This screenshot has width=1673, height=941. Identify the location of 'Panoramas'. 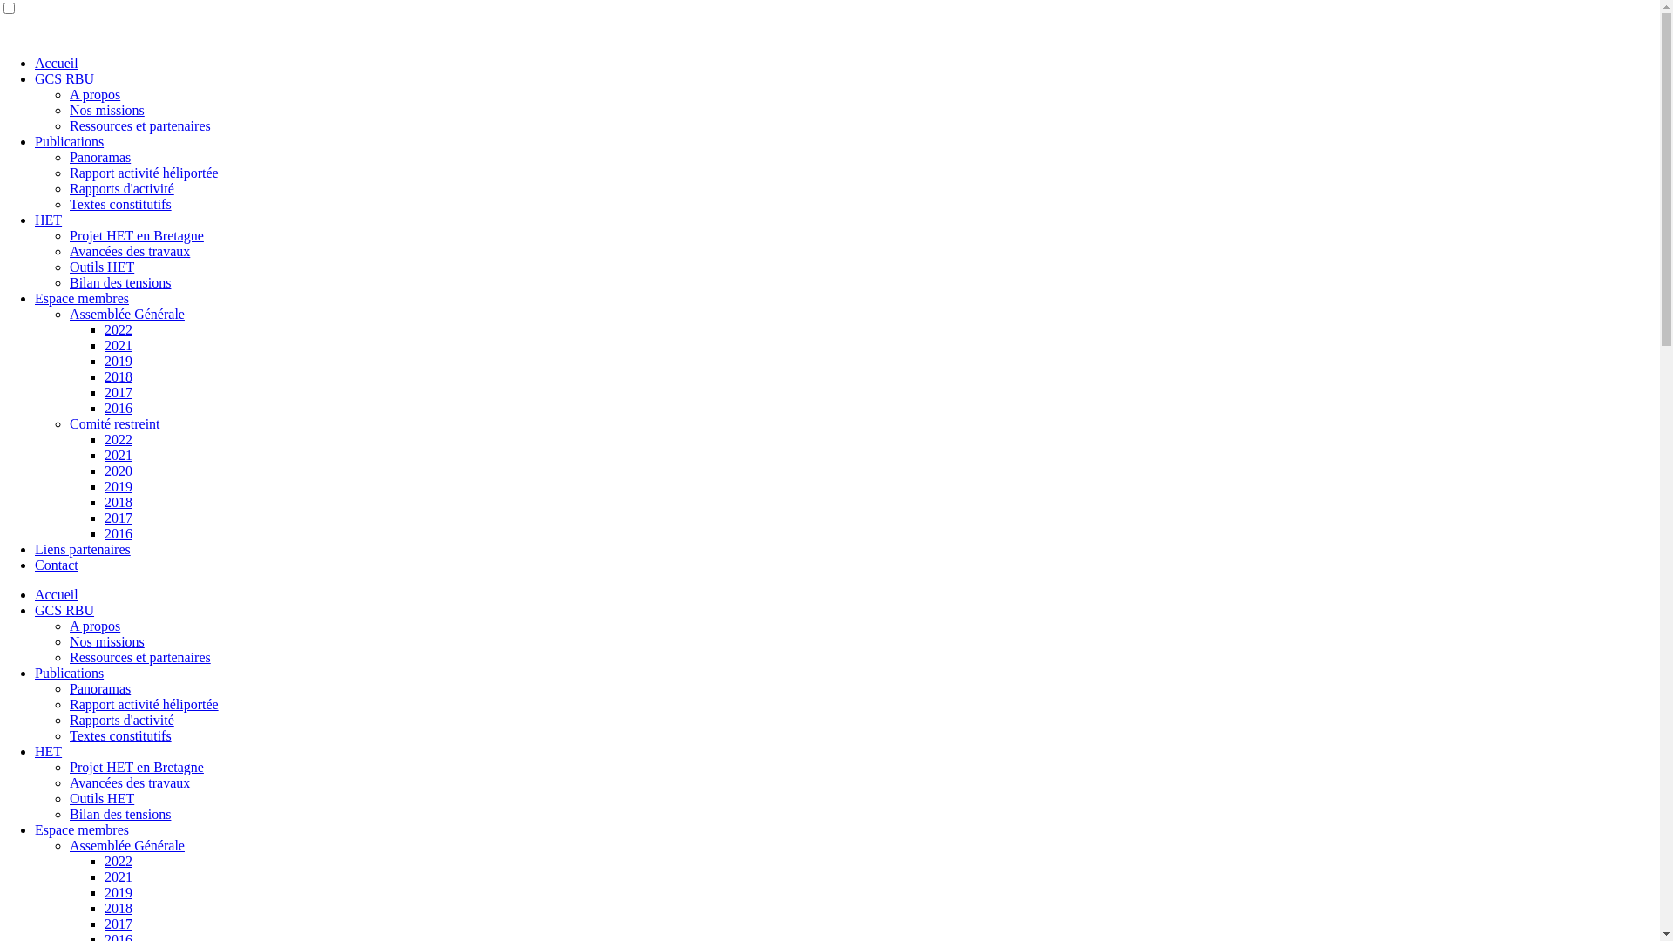
(70, 687).